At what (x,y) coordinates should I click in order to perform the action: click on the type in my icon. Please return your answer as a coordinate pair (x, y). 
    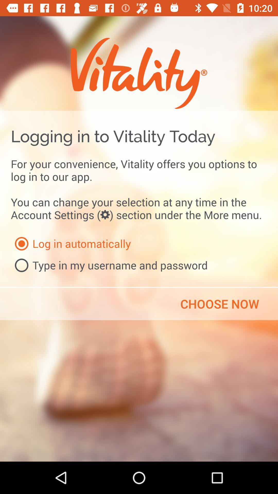
    Looking at the image, I should click on (109, 265).